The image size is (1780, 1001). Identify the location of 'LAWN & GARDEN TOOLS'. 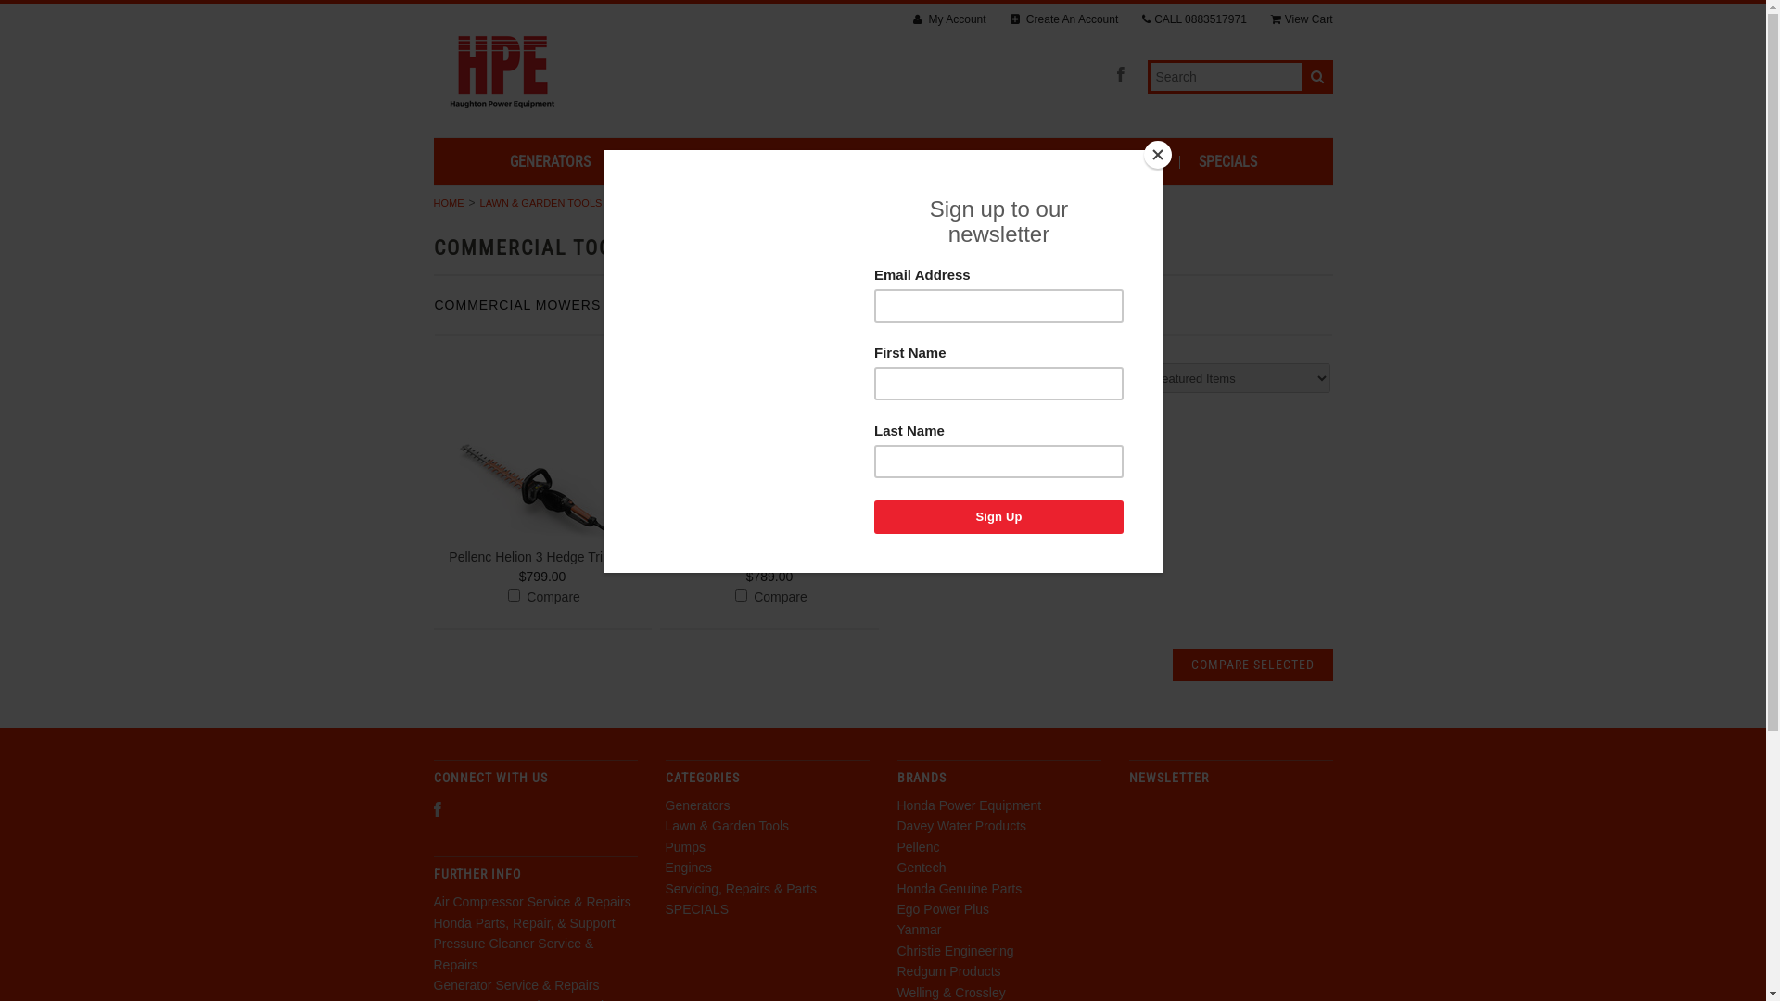
(701, 160).